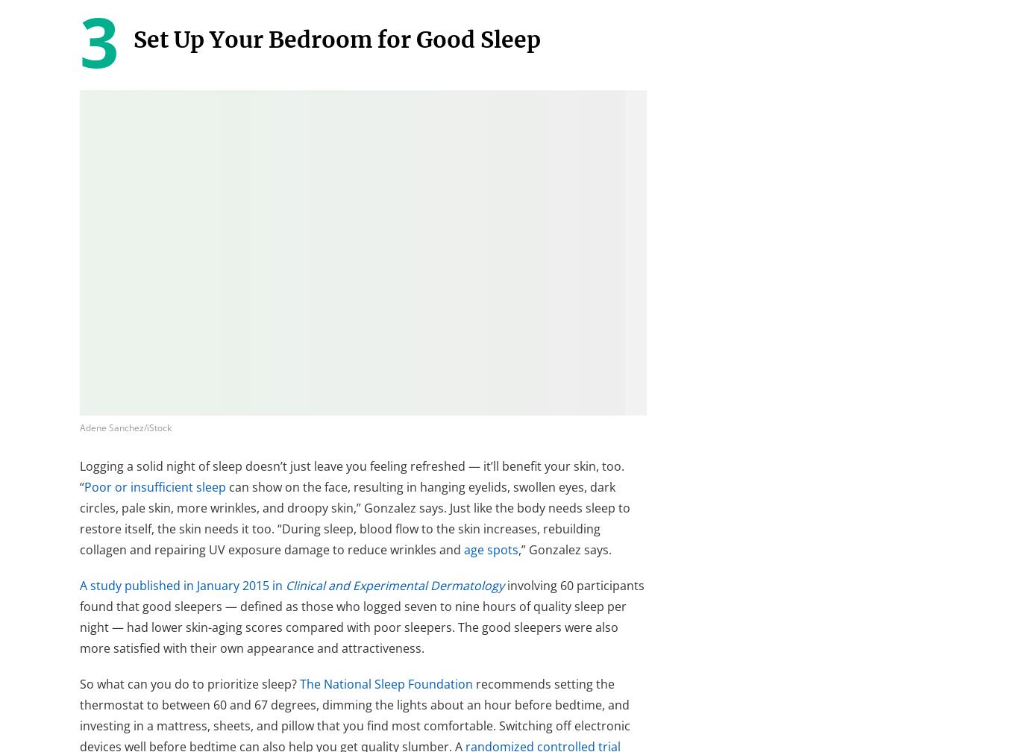 The height and width of the screenshot is (752, 1019). What do you see at coordinates (395, 585) in the screenshot?
I see `'Clinical and Experimental Dermatology'` at bounding box center [395, 585].